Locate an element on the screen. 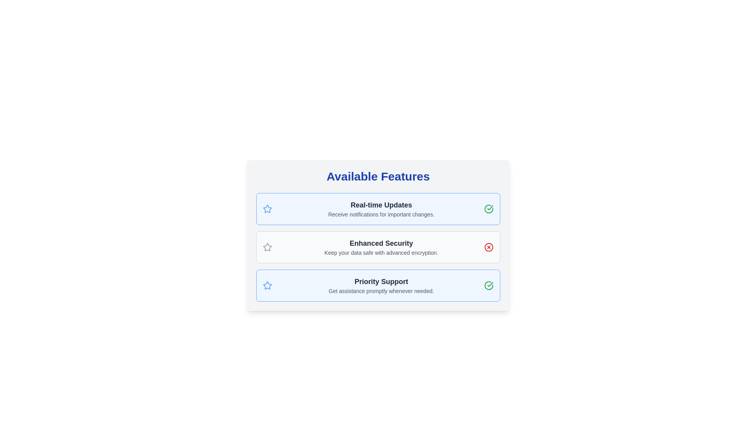  the active status icon located in the lower-right corner of the third feature in the vertical list, which indicates that the 'Priority Support' feature is successfully configured is located at coordinates (490, 207).